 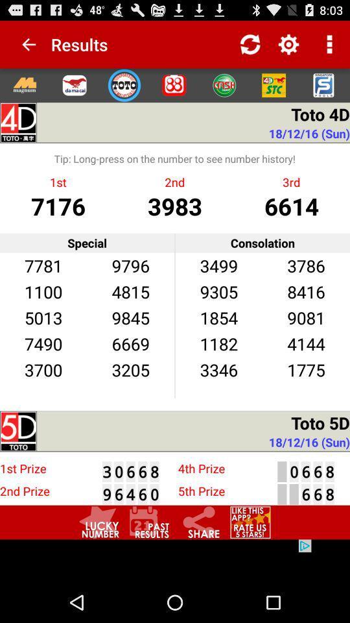 I want to click on selects stc company, so click(x=273, y=84).